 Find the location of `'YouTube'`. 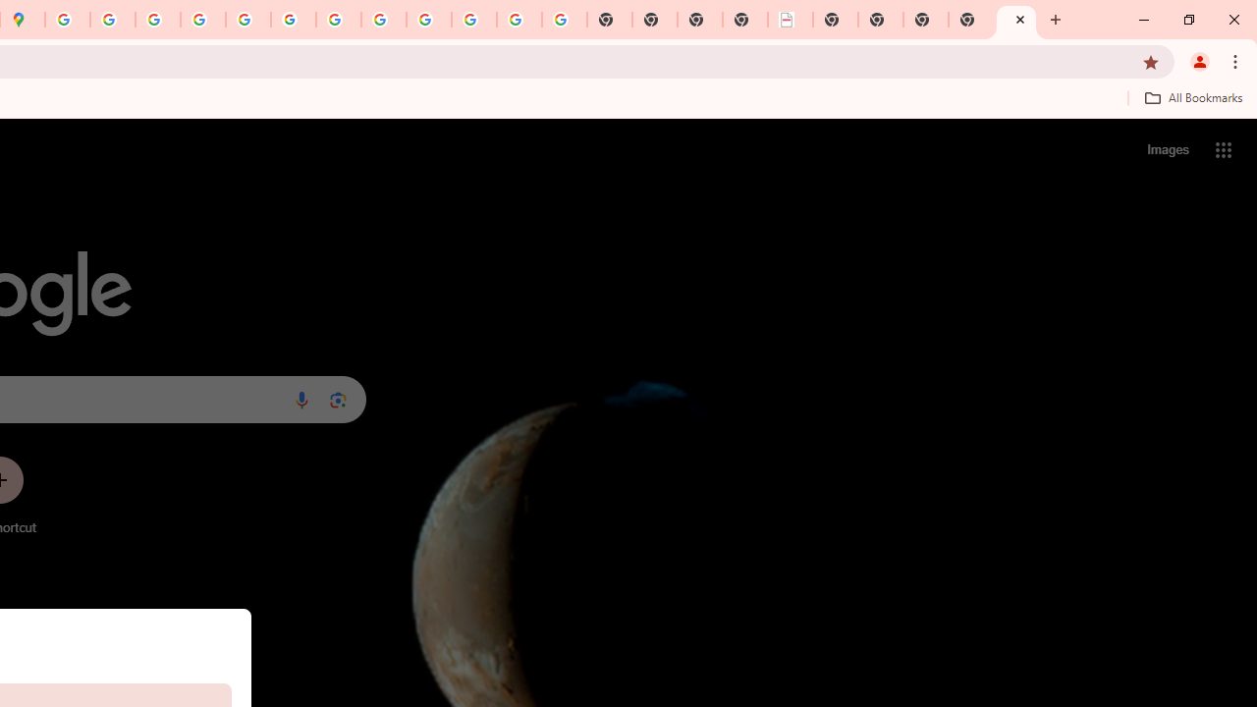

'YouTube' is located at coordinates (339, 20).